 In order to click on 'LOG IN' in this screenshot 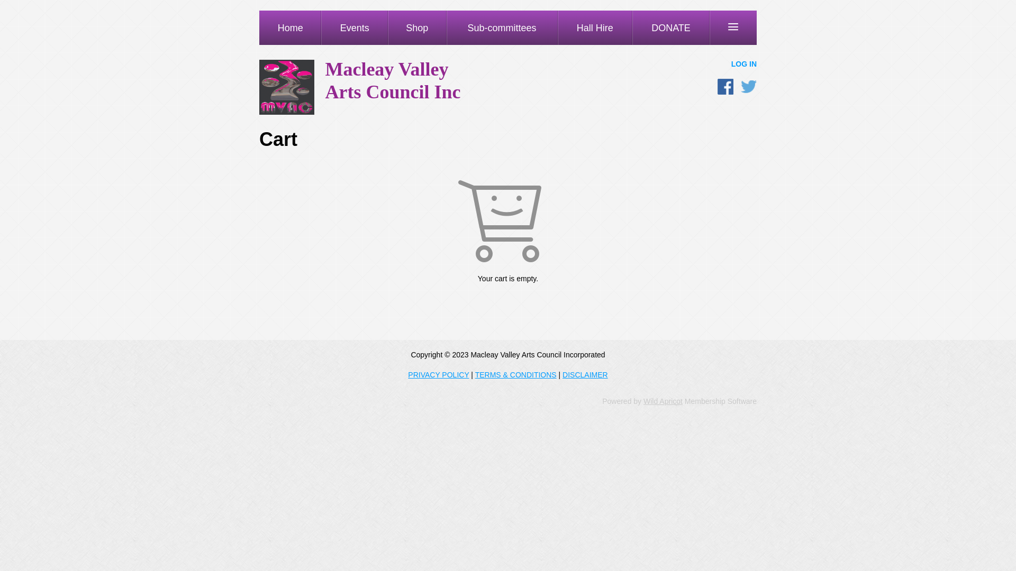, I will do `click(743, 63)`.